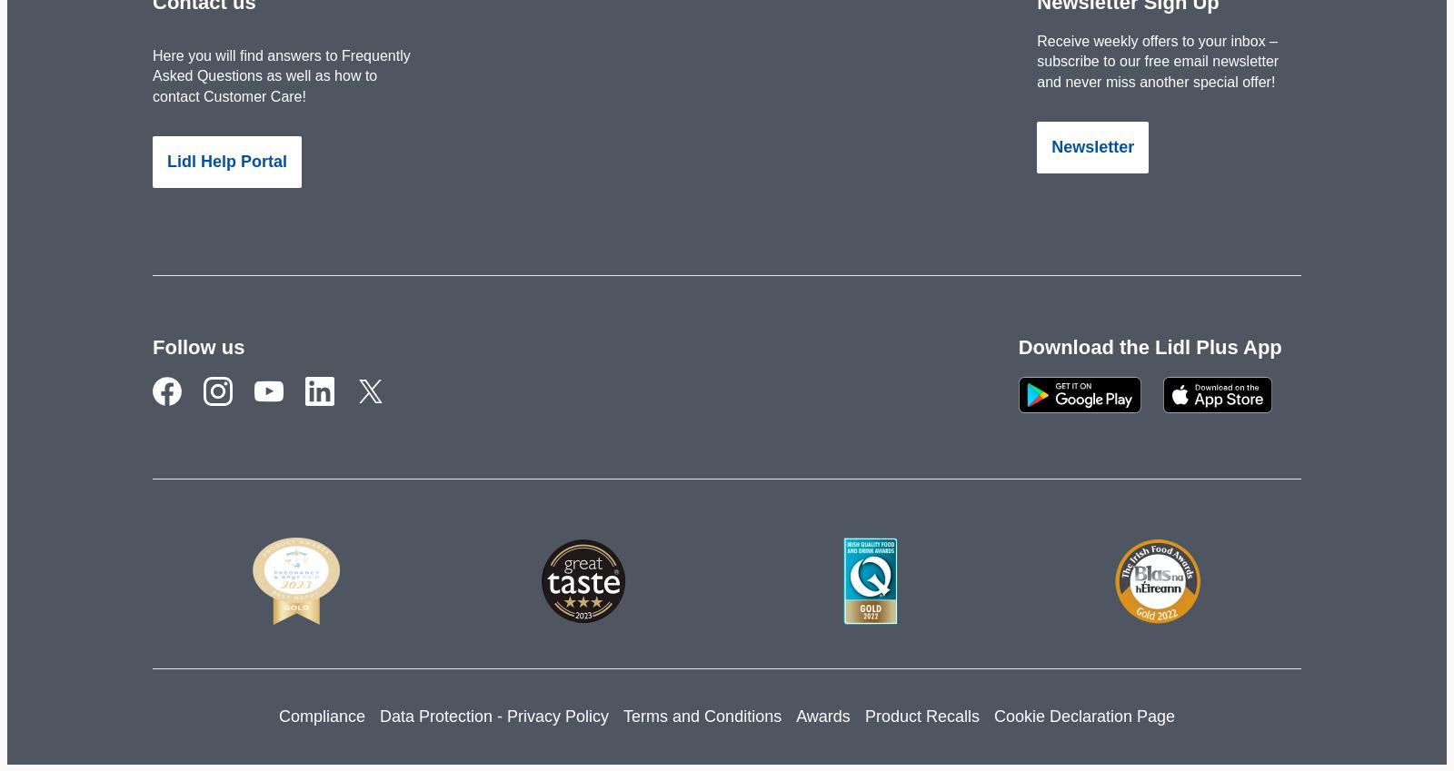  Describe the element at coordinates (1148, 346) in the screenshot. I see `'Download the Lidl Plus App'` at that location.